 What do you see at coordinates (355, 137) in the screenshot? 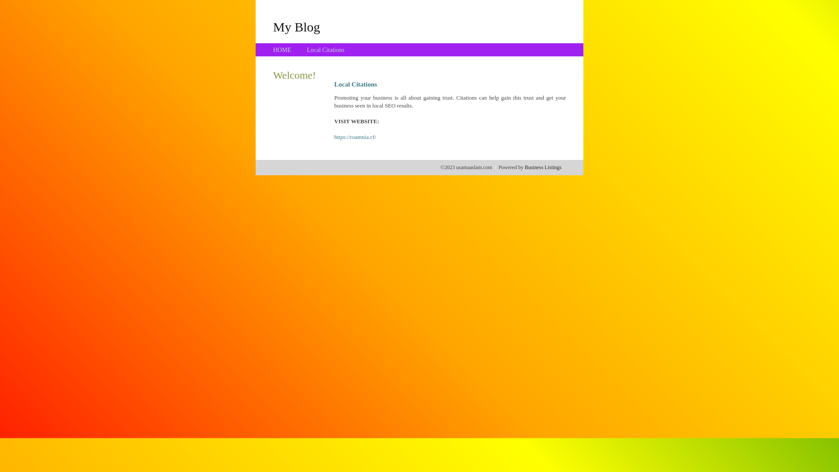
I see `'https://roamnia.cf/'` at bounding box center [355, 137].